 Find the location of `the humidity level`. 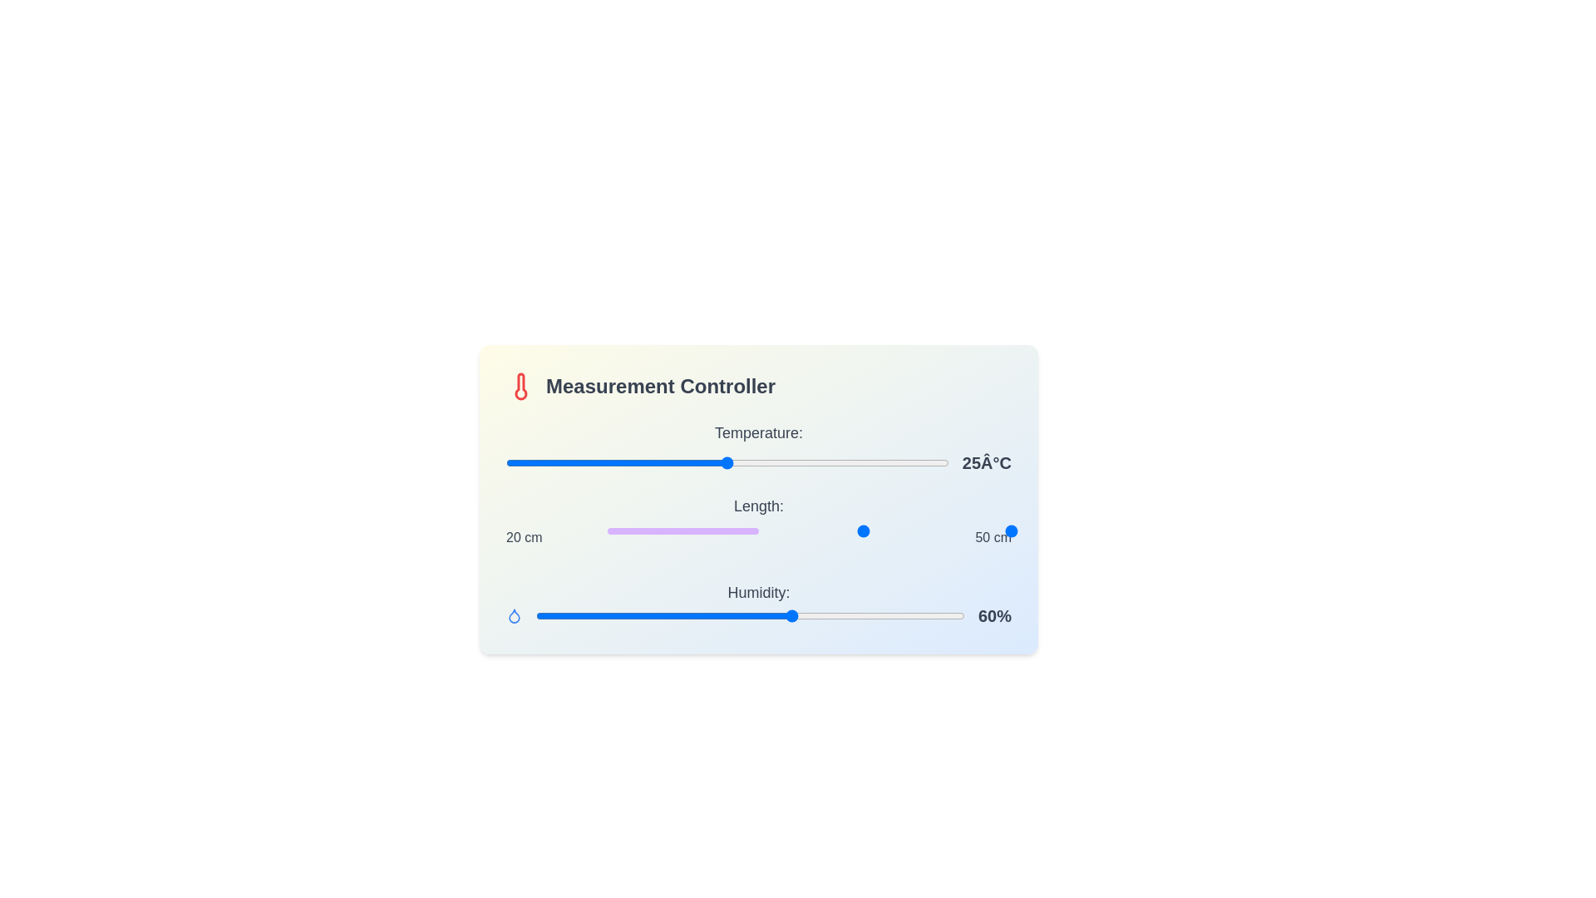

the humidity level is located at coordinates (554, 615).